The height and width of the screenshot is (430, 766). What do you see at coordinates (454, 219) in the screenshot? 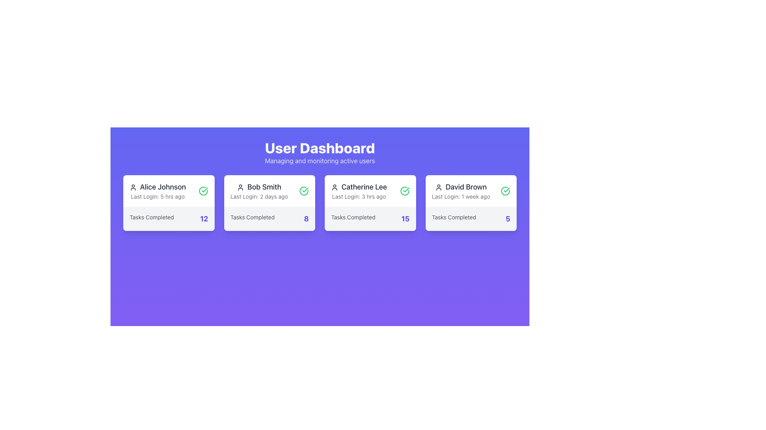
I see `the text label displaying 'Tasks Completed' in the panel for user 'David Brown', located near the bottom left side of the panel` at bounding box center [454, 219].